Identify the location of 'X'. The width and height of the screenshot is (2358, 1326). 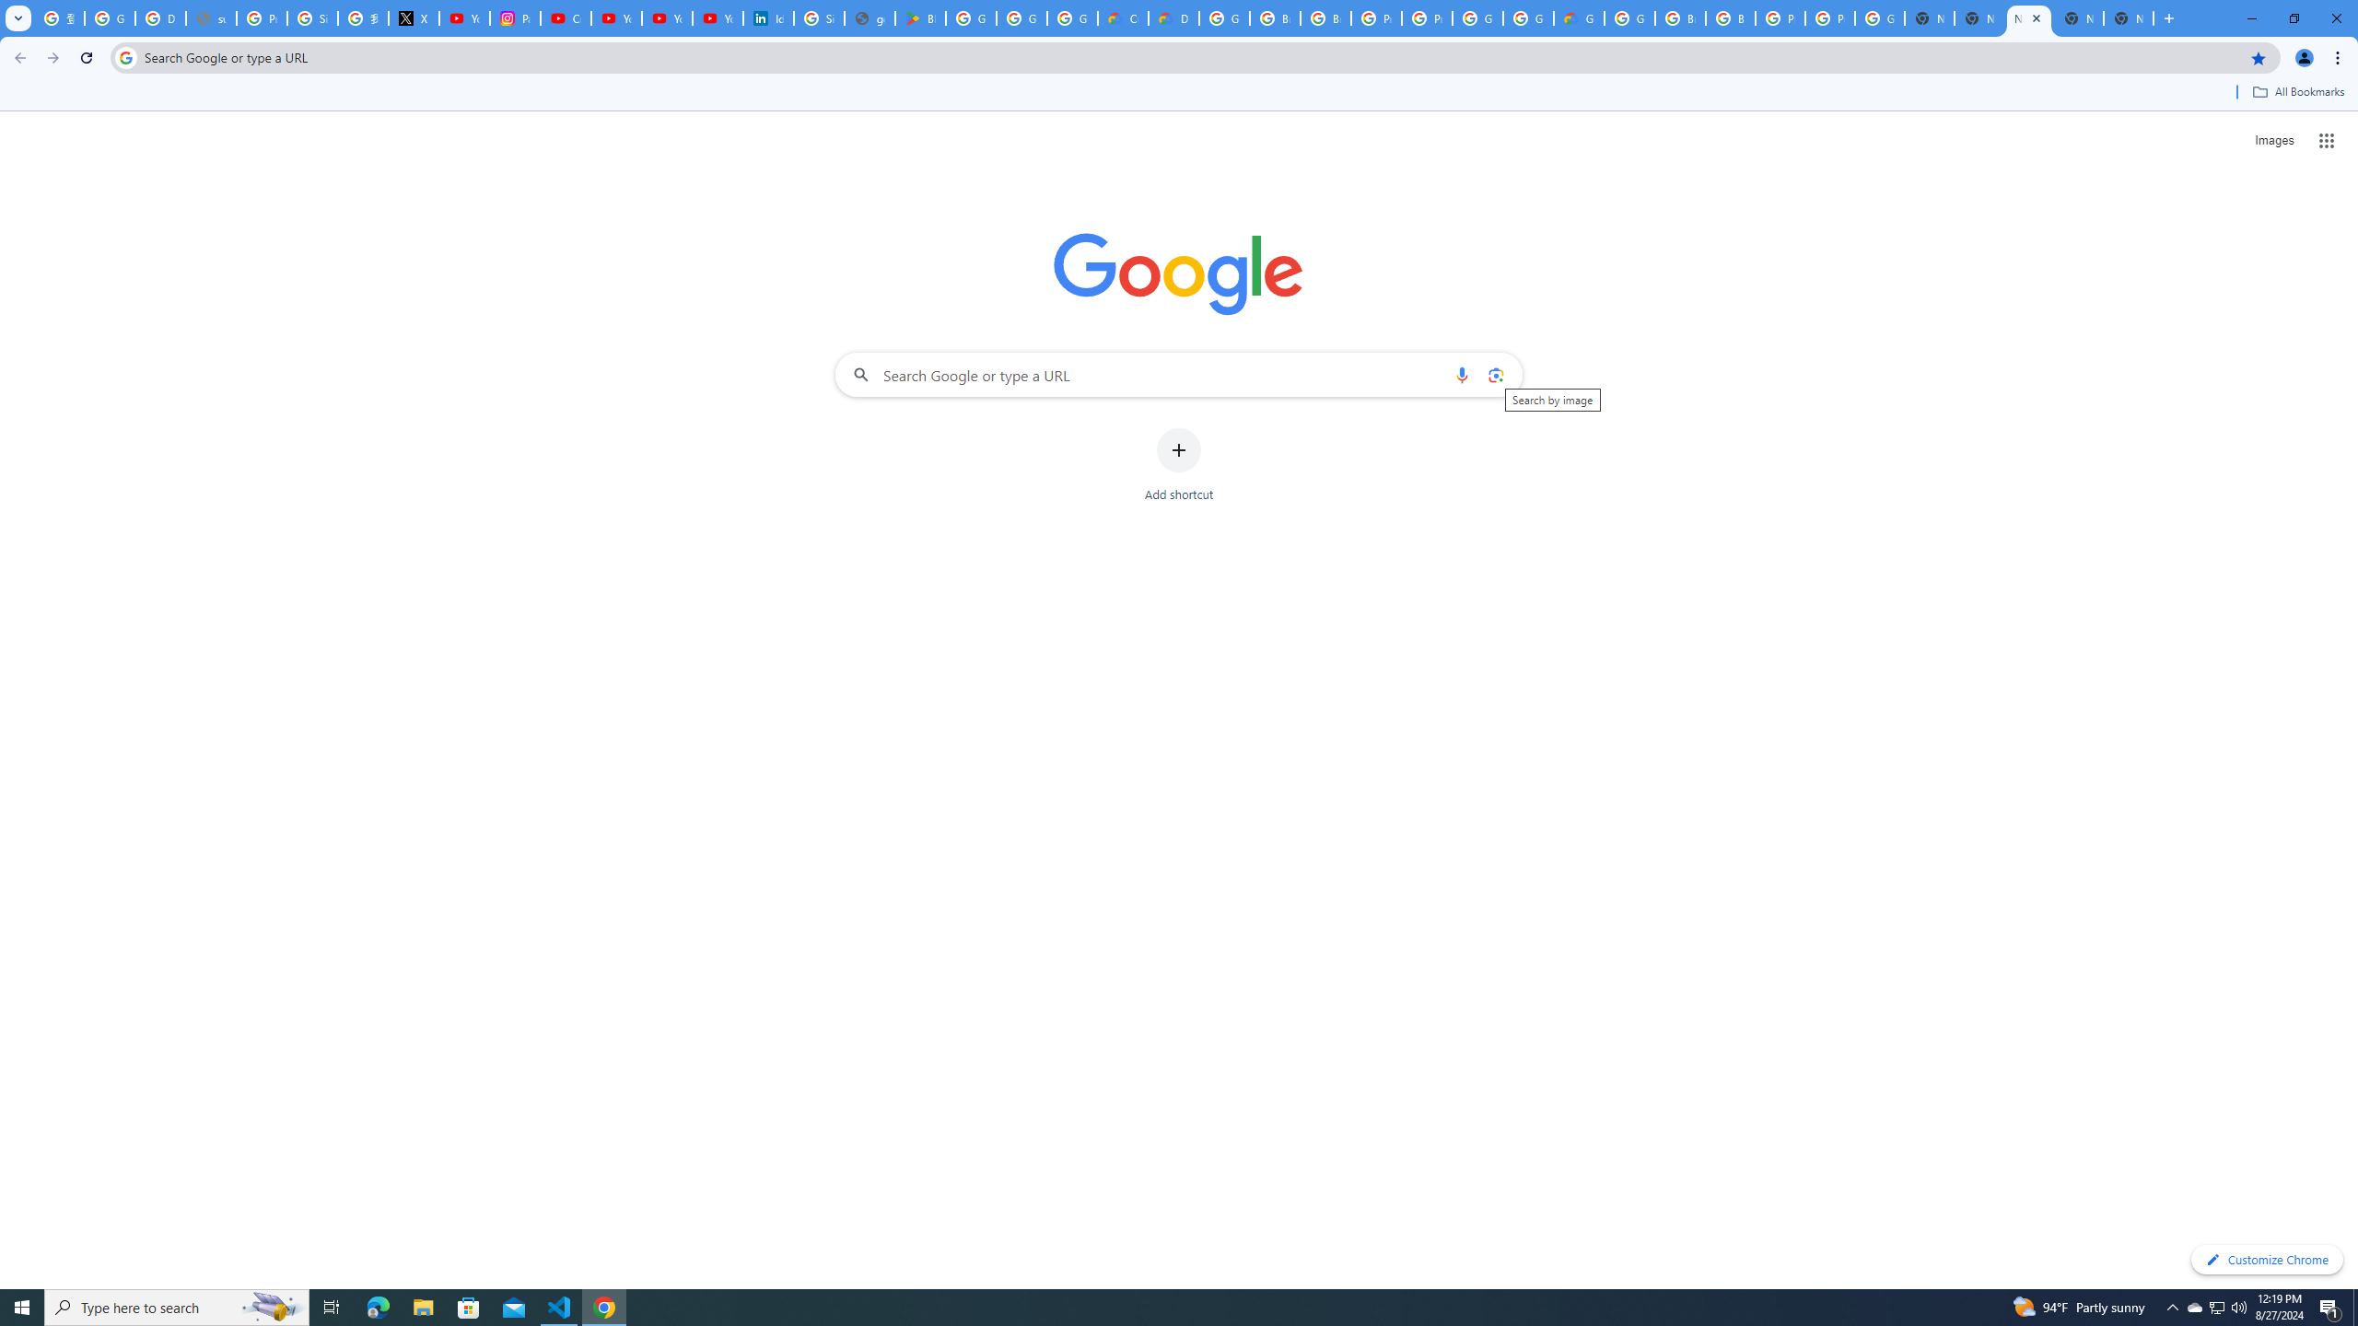
(413, 17).